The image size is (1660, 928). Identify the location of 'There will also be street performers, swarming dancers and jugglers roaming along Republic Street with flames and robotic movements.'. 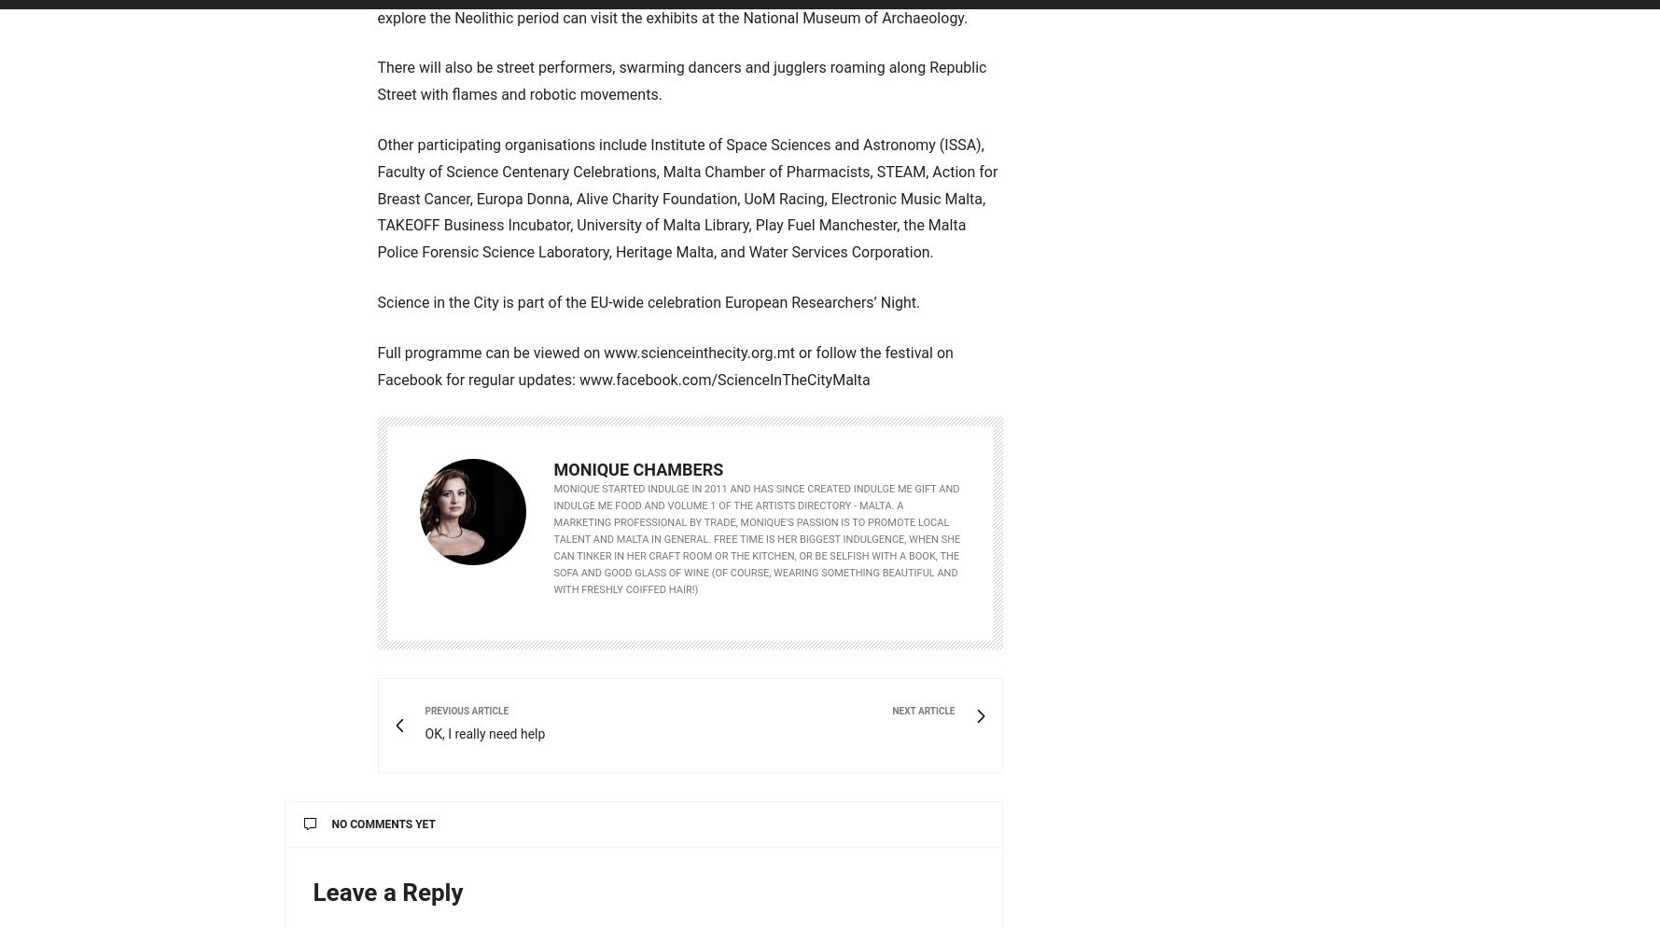
(376, 80).